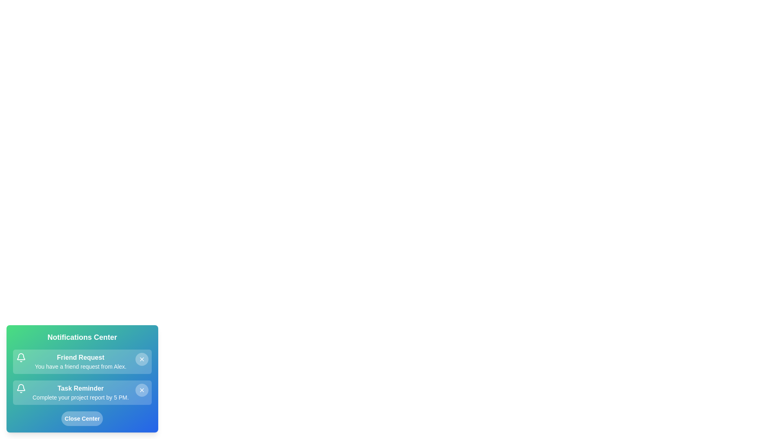 The height and width of the screenshot is (439, 781). What do you see at coordinates (82, 418) in the screenshot?
I see `the 'Close Center' button to close the notification center` at bounding box center [82, 418].